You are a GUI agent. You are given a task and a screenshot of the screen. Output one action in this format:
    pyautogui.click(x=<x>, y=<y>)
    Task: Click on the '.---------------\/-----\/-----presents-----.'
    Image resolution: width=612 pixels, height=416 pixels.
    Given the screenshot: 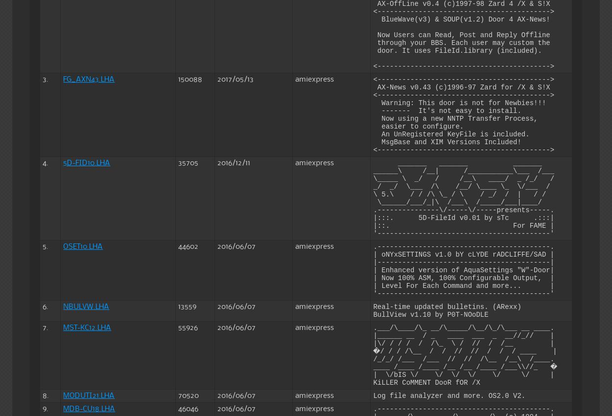 What is the action you would take?
    pyautogui.click(x=463, y=209)
    